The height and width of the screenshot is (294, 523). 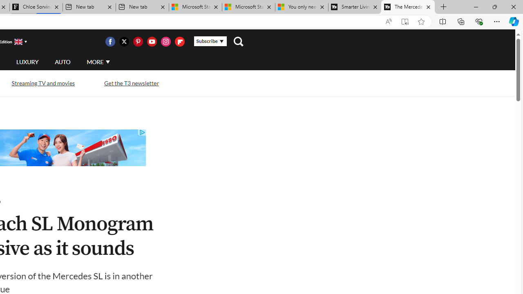 What do you see at coordinates (355, 7) in the screenshot?
I see `'Smarter Living | T3'` at bounding box center [355, 7].